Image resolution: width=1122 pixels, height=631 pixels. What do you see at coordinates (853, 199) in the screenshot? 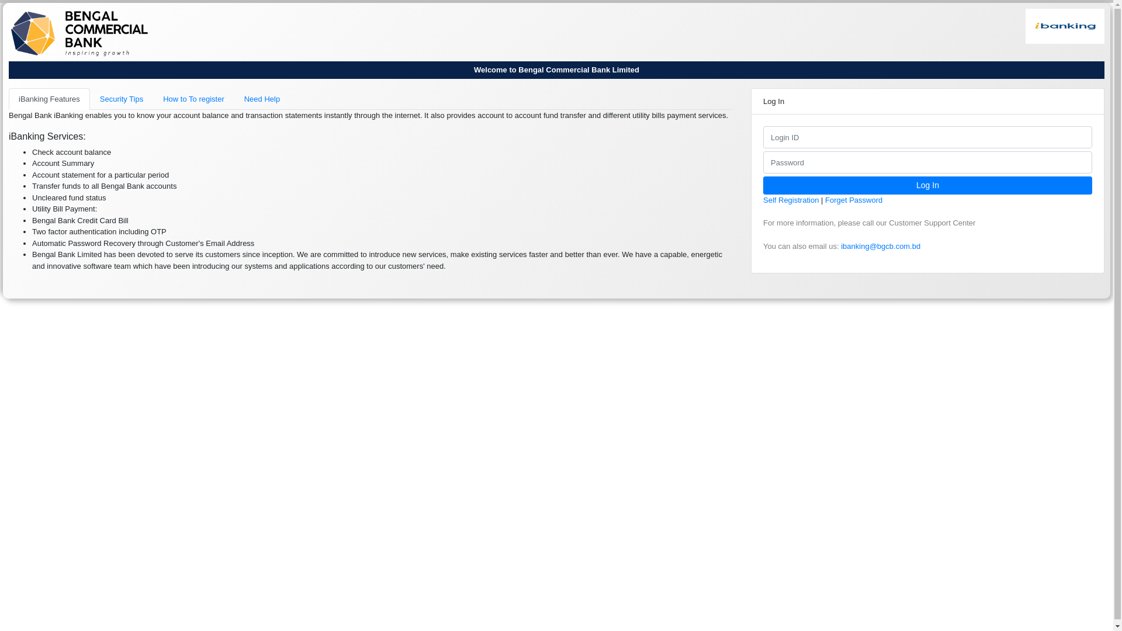
I see `'Forget Password'` at bounding box center [853, 199].